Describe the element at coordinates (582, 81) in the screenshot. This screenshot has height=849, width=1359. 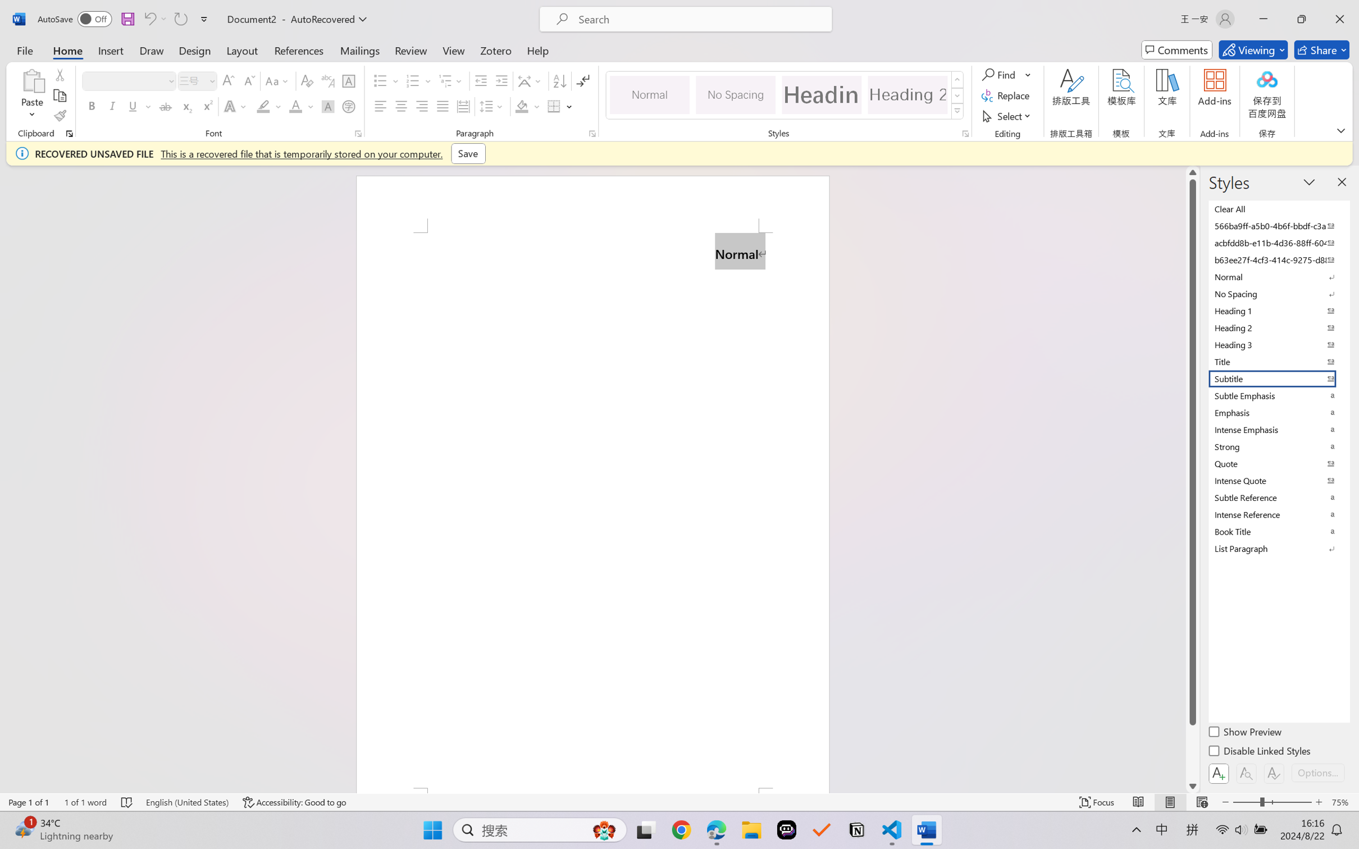
I see `'Show/Hide Editing Marks'` at that location.